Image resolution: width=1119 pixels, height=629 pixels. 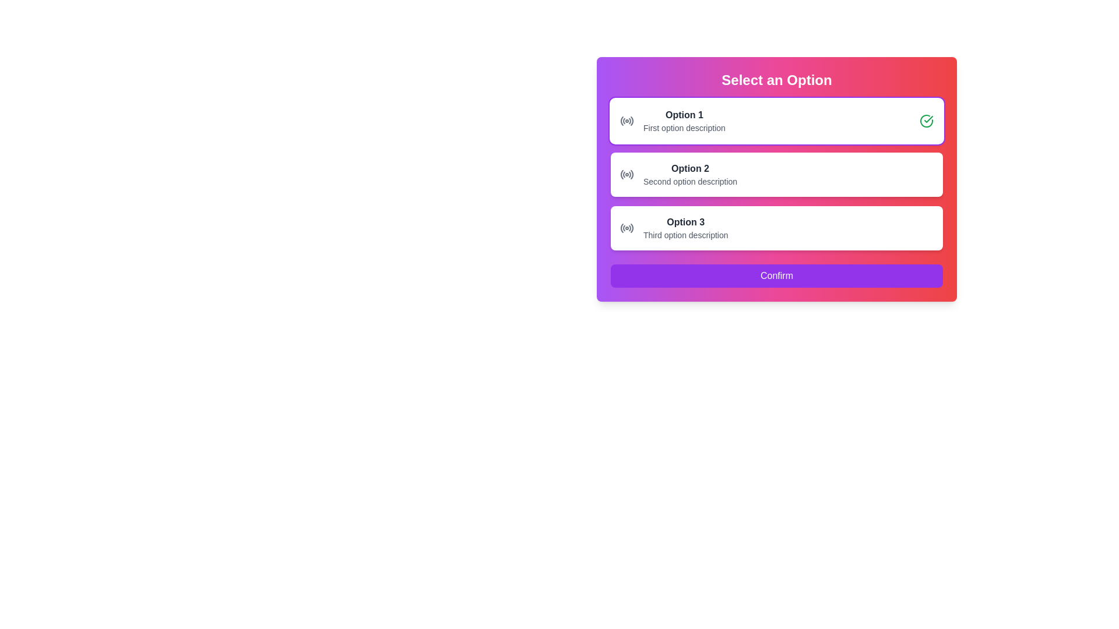 What do you see at coordinates (777, 276) in the screenshot?
I see `the confirmation button located at the bottom of the card titled 'Select an Option'` at bounding box center [777, 276].